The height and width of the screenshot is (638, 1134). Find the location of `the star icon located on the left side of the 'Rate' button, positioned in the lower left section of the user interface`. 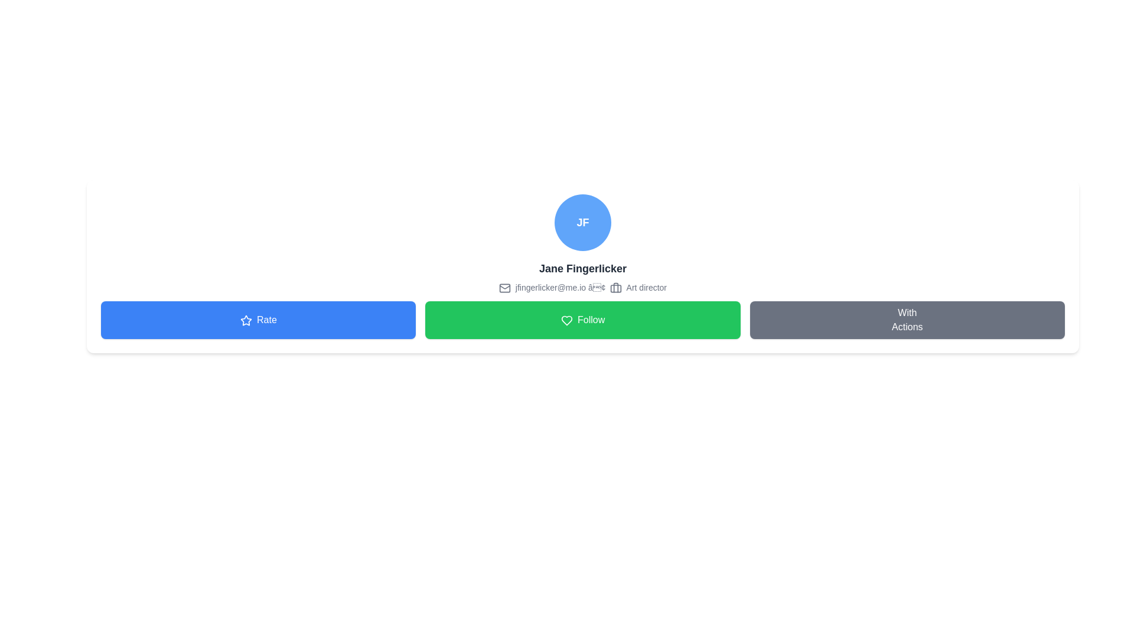

the star icon located on the left side of the 'Rate' button, positioned in the lower left section of the user interface is located at coordinates (245, 321).